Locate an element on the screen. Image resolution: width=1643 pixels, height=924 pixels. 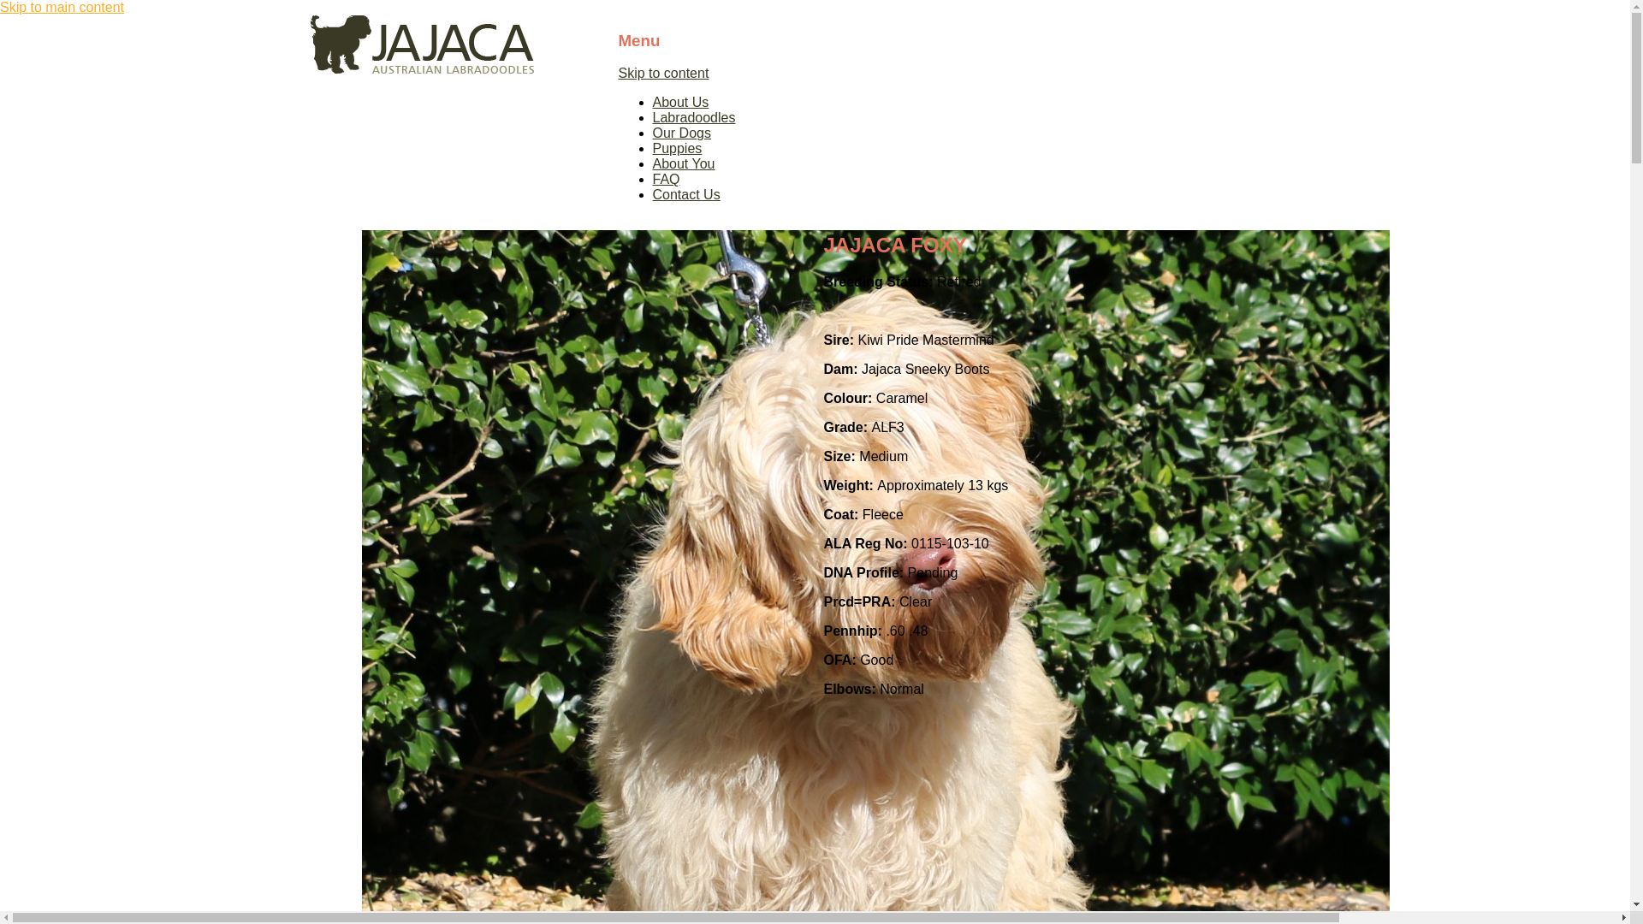
'Skip to content' is located at coordinates (661, 72).